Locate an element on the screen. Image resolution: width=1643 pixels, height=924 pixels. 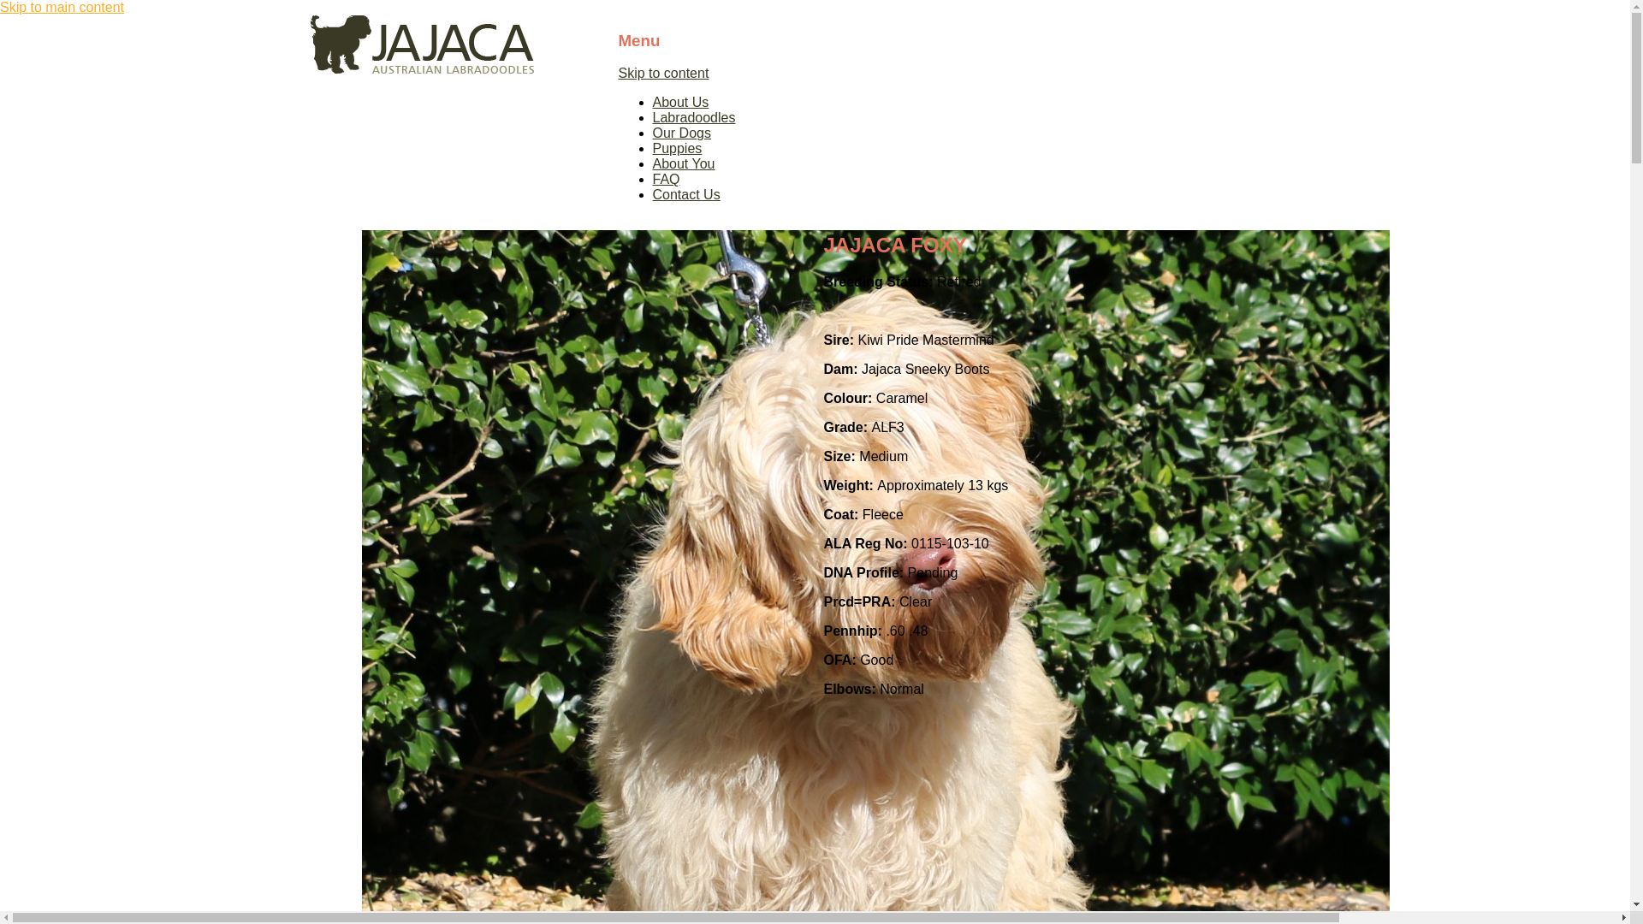
'Skip to content' is located at coordinates (661, 72).